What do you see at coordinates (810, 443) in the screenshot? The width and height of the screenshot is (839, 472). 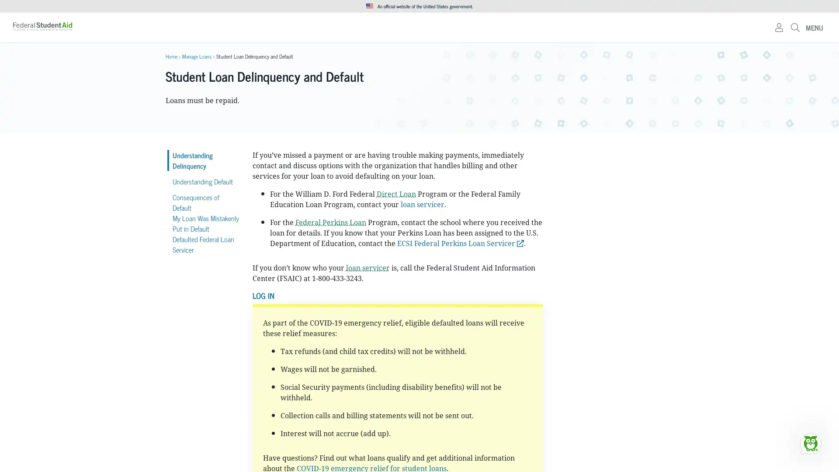 I see `Initiate Chat` at bounding box center [810, 443].